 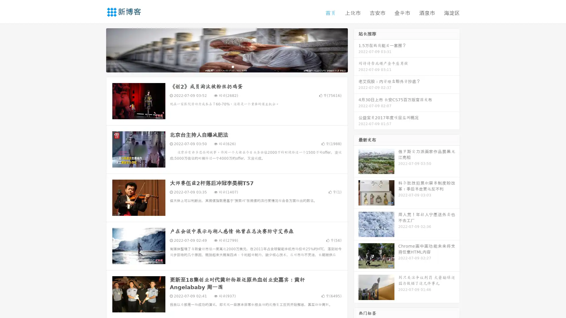 What do you see at coordinates (97, 49) in the screenshot?
I see `Previous slide` at bounding box center [97, 49].